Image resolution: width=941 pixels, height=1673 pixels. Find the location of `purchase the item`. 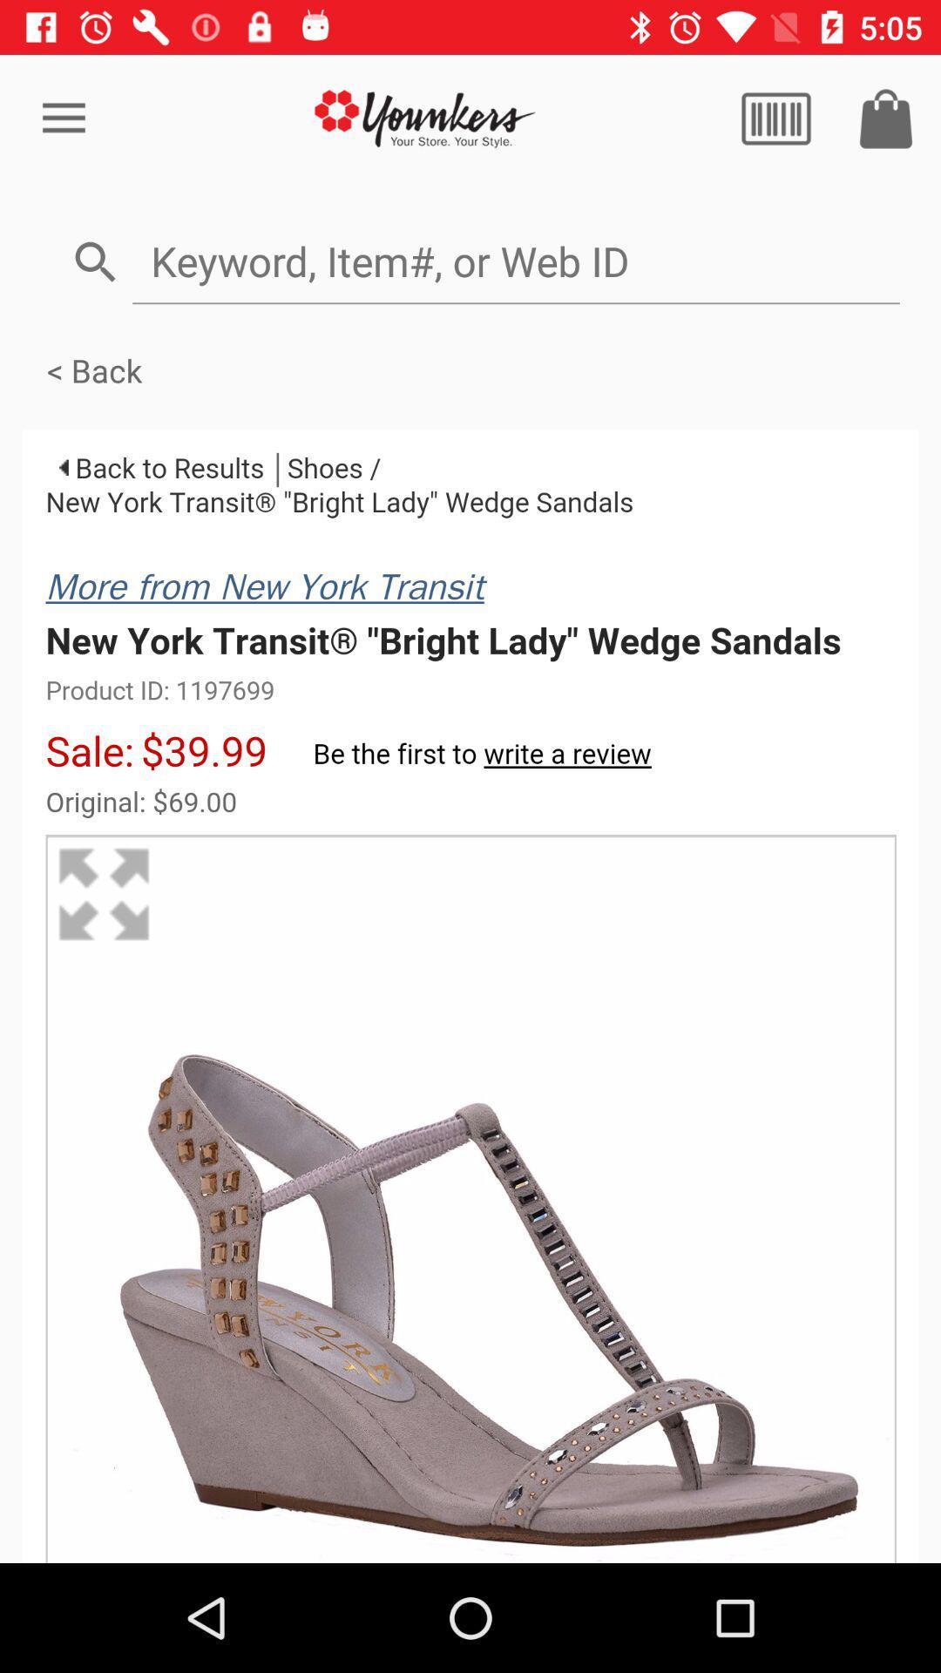

purchase the item is located at coordinates (886, 118).